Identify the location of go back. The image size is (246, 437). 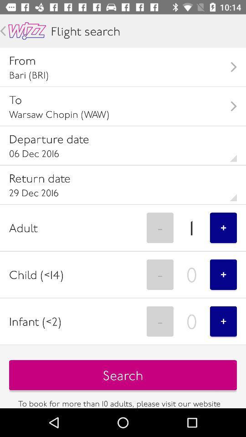
(2, 31).